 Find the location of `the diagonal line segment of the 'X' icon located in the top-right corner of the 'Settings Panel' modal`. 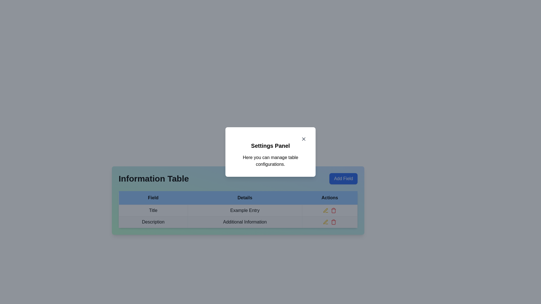

the diagonal line segment of the 'X' icon located in the top-right corner of the 'Settings Panel' modal is located at coordinates (303, 139).